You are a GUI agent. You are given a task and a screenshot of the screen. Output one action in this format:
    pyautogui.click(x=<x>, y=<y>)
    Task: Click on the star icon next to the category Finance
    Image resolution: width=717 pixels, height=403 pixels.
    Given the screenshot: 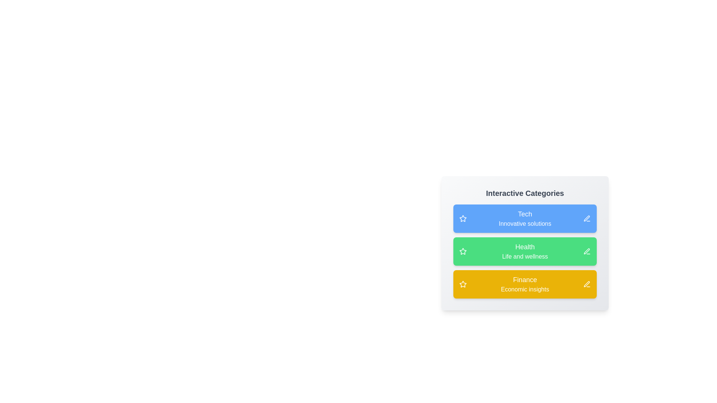 What is the action you would take?
    pyautogui.click(x=462, y=284)
    